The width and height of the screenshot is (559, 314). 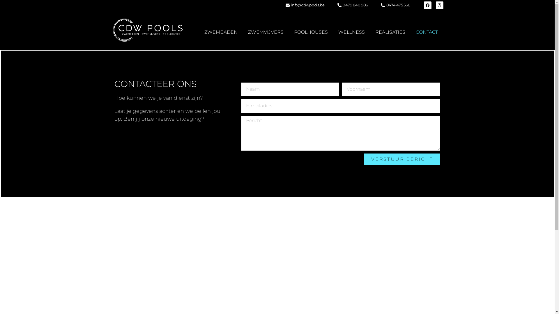 I want to click on 'REALISATIES', so click(x=390, y=32).